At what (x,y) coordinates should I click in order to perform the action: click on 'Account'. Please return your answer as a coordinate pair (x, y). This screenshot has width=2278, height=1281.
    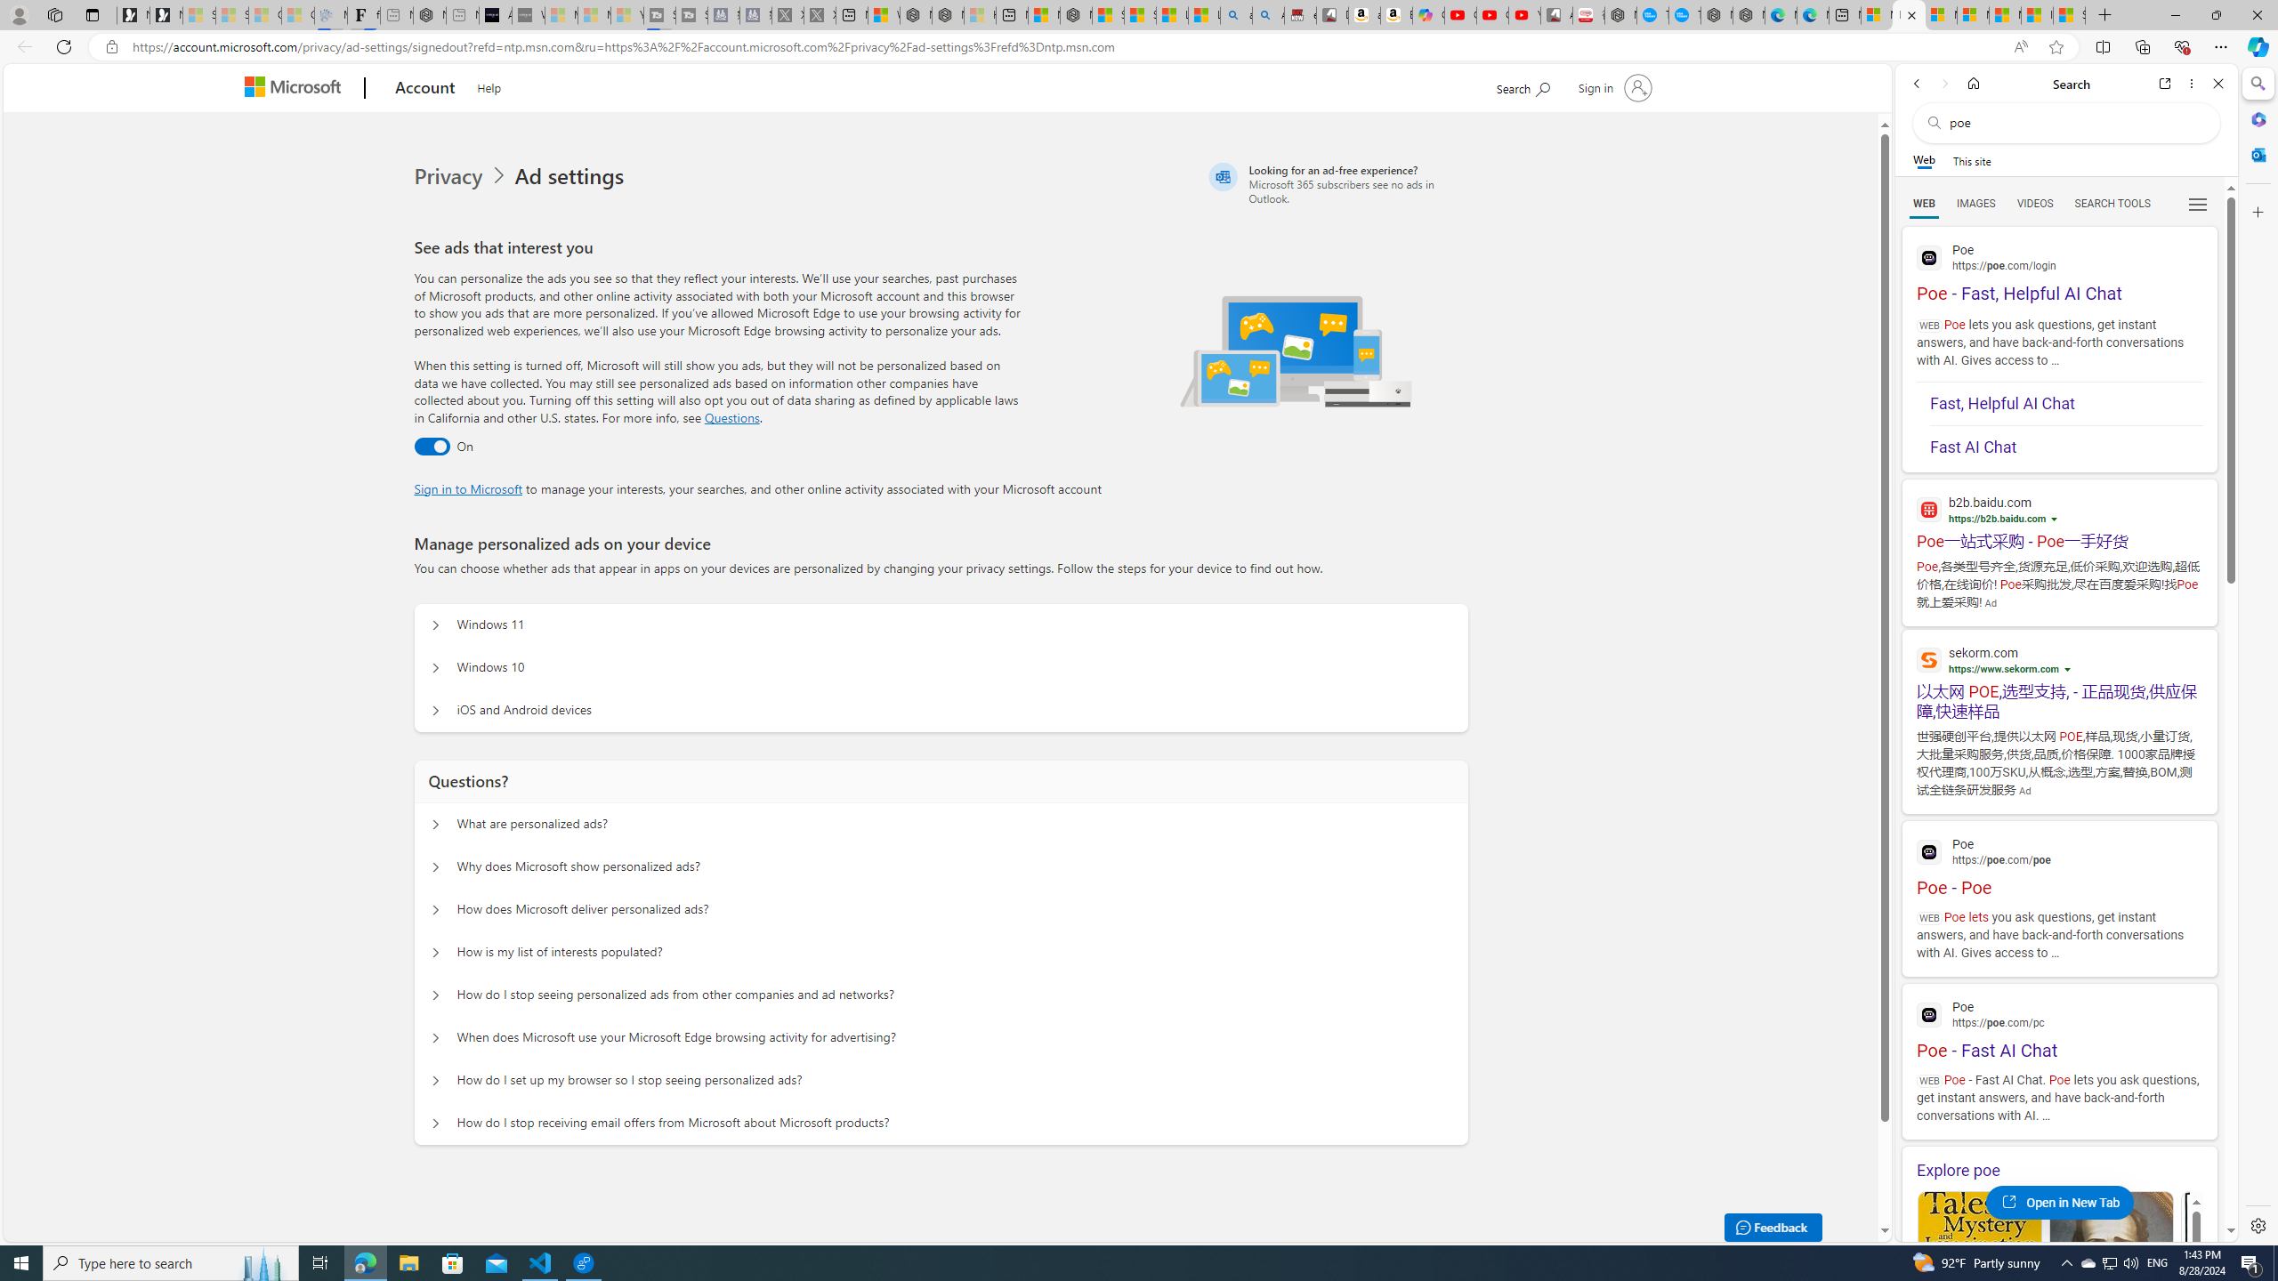
    Looking at the image, I should click on (424, 88).